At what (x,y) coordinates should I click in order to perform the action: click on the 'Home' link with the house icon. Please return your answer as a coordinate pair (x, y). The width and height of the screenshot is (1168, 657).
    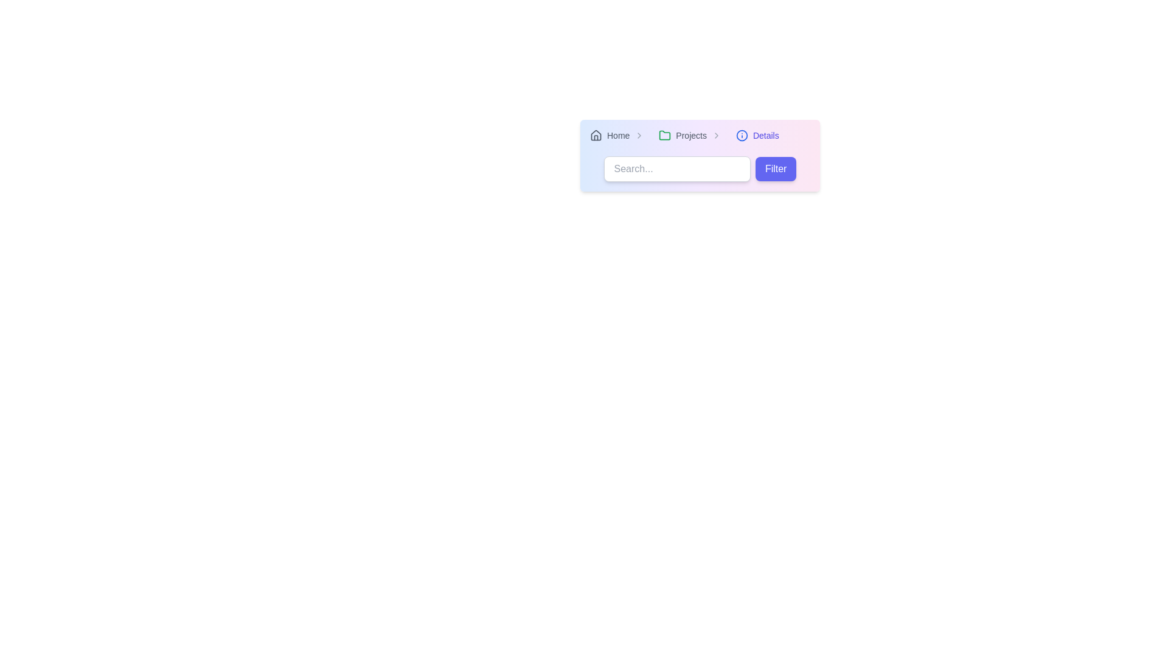
    Looking at the image, I should click on (610, 136).